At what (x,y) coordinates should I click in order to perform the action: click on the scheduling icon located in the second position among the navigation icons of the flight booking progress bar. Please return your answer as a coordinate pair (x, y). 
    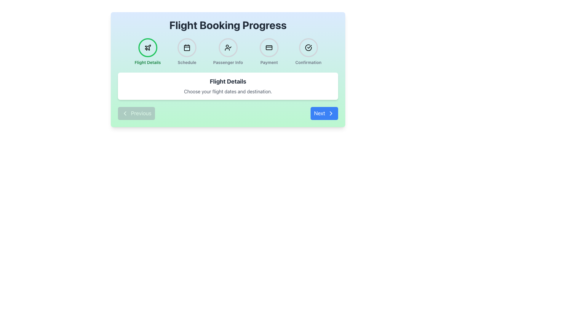
    Looking at the image, I should click on (187, 47).